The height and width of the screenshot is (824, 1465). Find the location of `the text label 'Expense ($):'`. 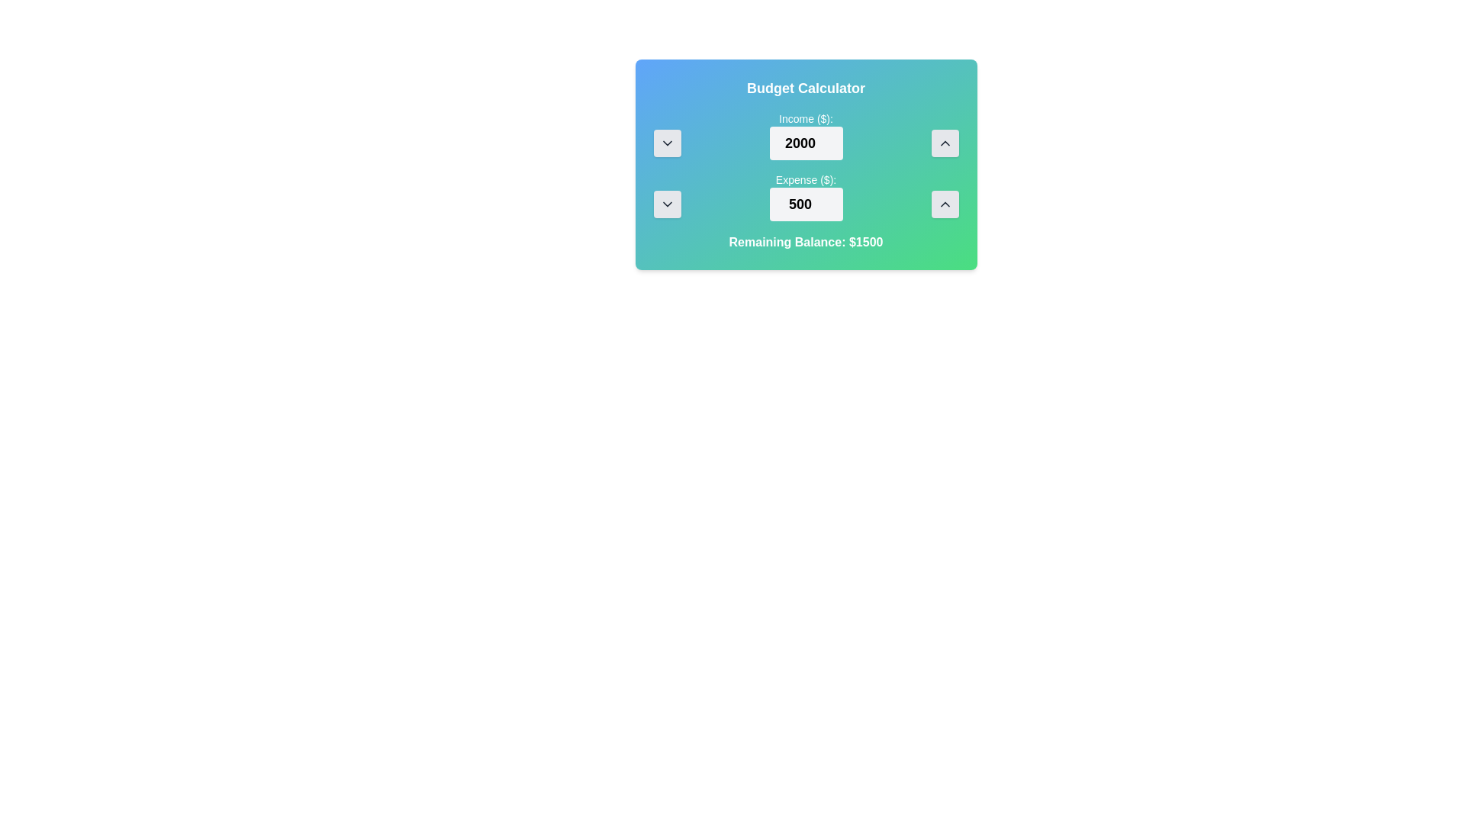

the text label 'Expense ($):' is located at coordinates (805, 179).